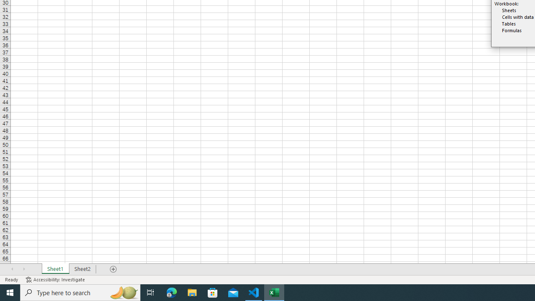 The image size is (535, 301). I want to click on 'Accessibility Checker Accessibility: Investigate', so click(56, 280).